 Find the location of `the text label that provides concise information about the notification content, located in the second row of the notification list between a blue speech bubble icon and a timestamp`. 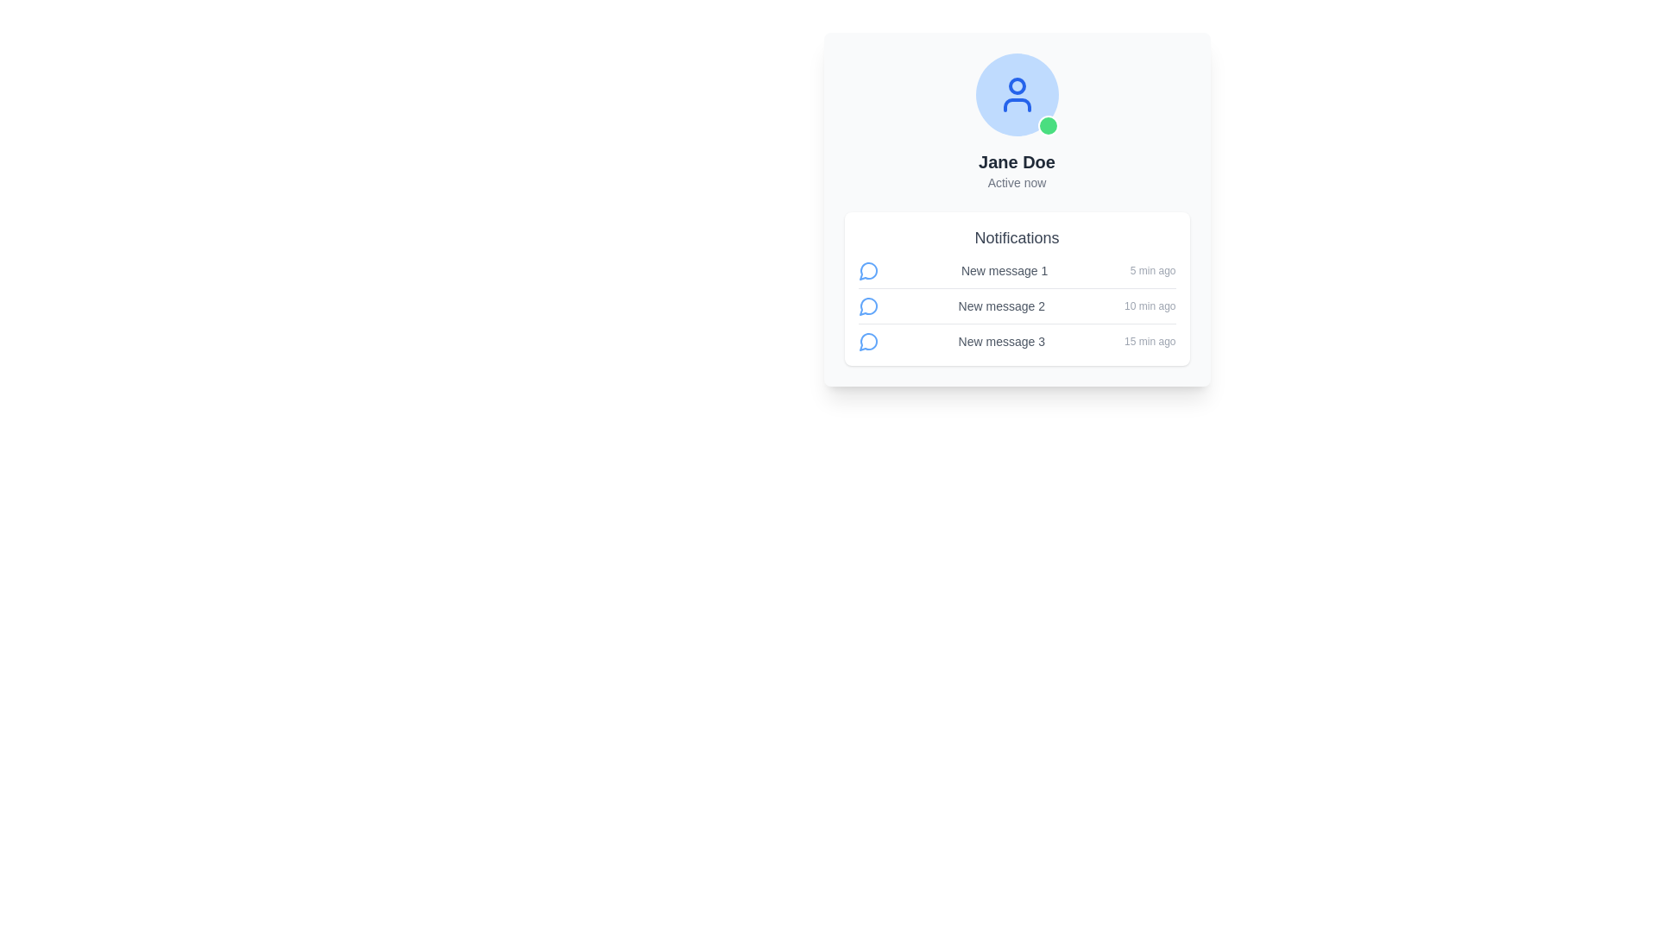

the text label that provides concise information about the notification content, located in the second row of the notification list between a blue speech bubble icon and a timestamp is located at coordinates (1001, 305).